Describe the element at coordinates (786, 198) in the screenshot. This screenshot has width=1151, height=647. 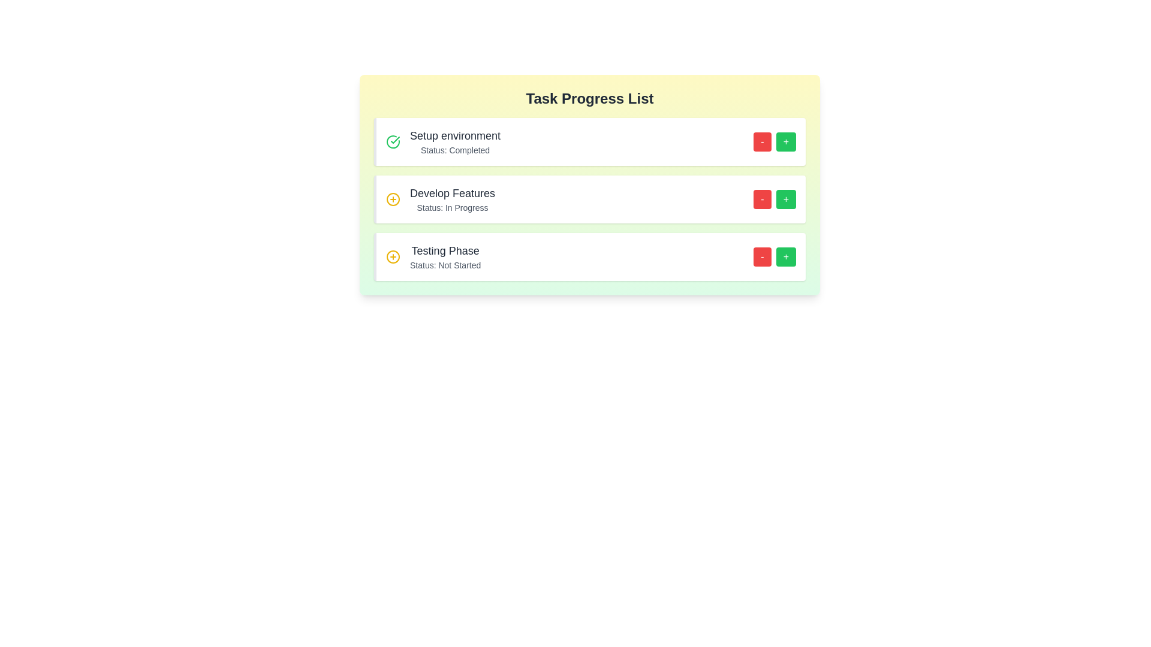
I see `the increase button for the task 'Develop Features'` at that location.